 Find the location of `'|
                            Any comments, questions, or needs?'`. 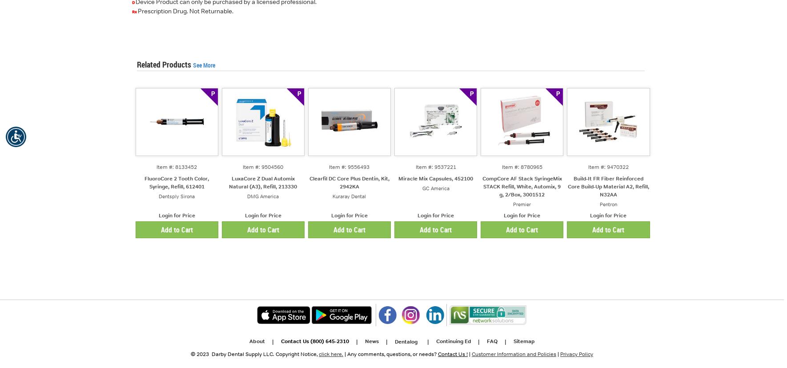

'|
                            Any comments, questions, or needs?' is located at coordinates (390, 354).